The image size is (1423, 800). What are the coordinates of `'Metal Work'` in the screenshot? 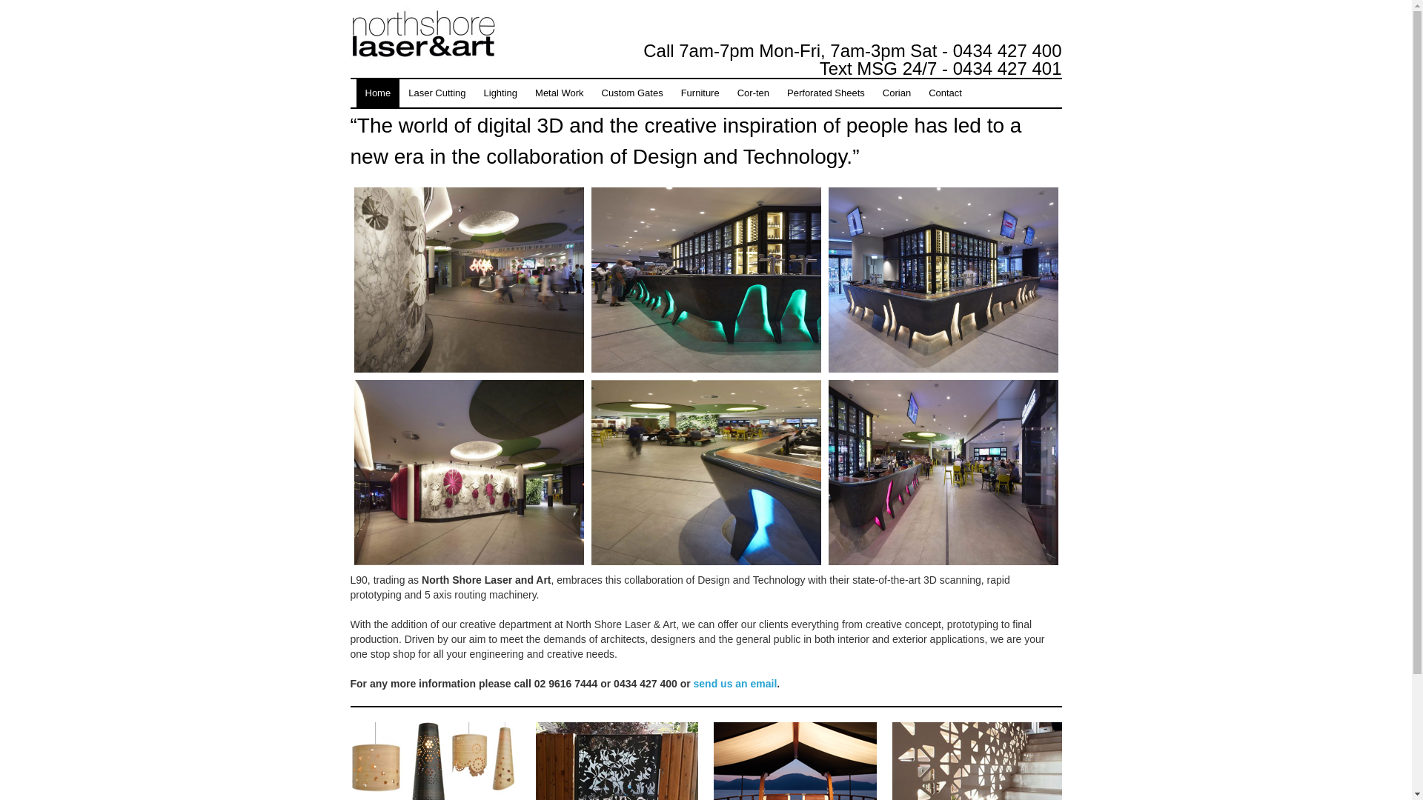 It's located at (558, 93).